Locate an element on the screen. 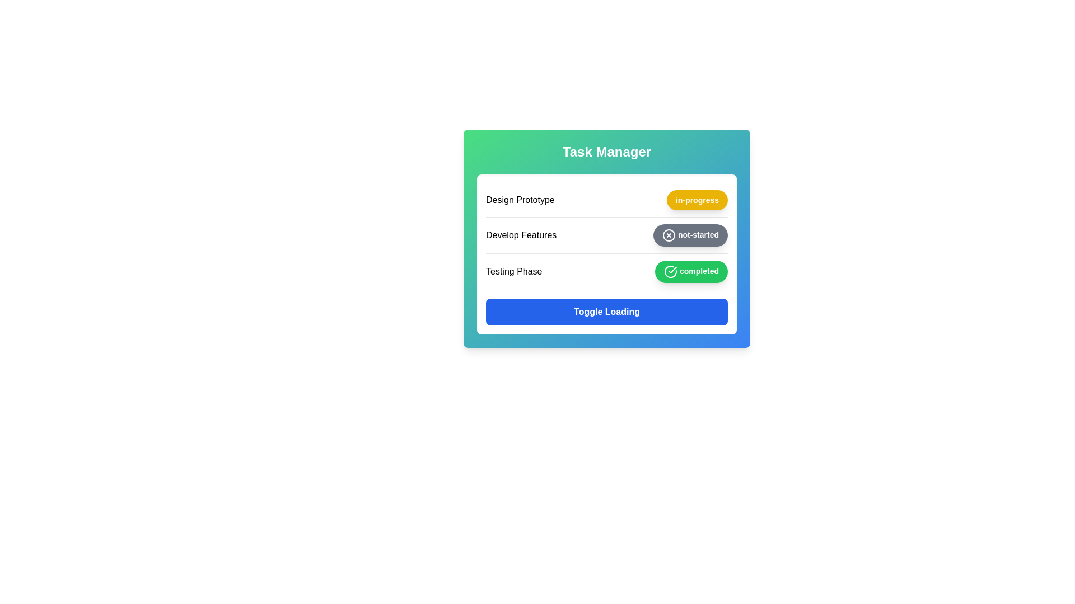 The image size is (1075, 604). the interactive button that indicates the 'Testing Phase' task status is located at coordinates (690, 272).